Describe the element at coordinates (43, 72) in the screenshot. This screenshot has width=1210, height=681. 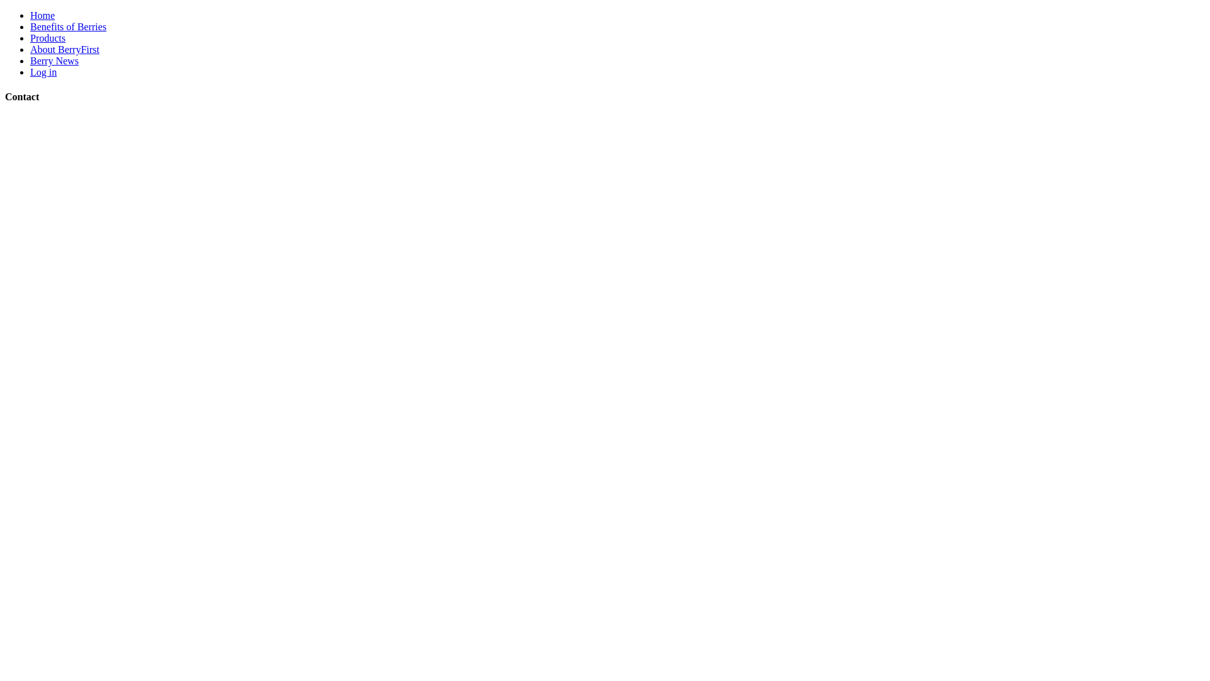
I see `'Log in'` at that location.